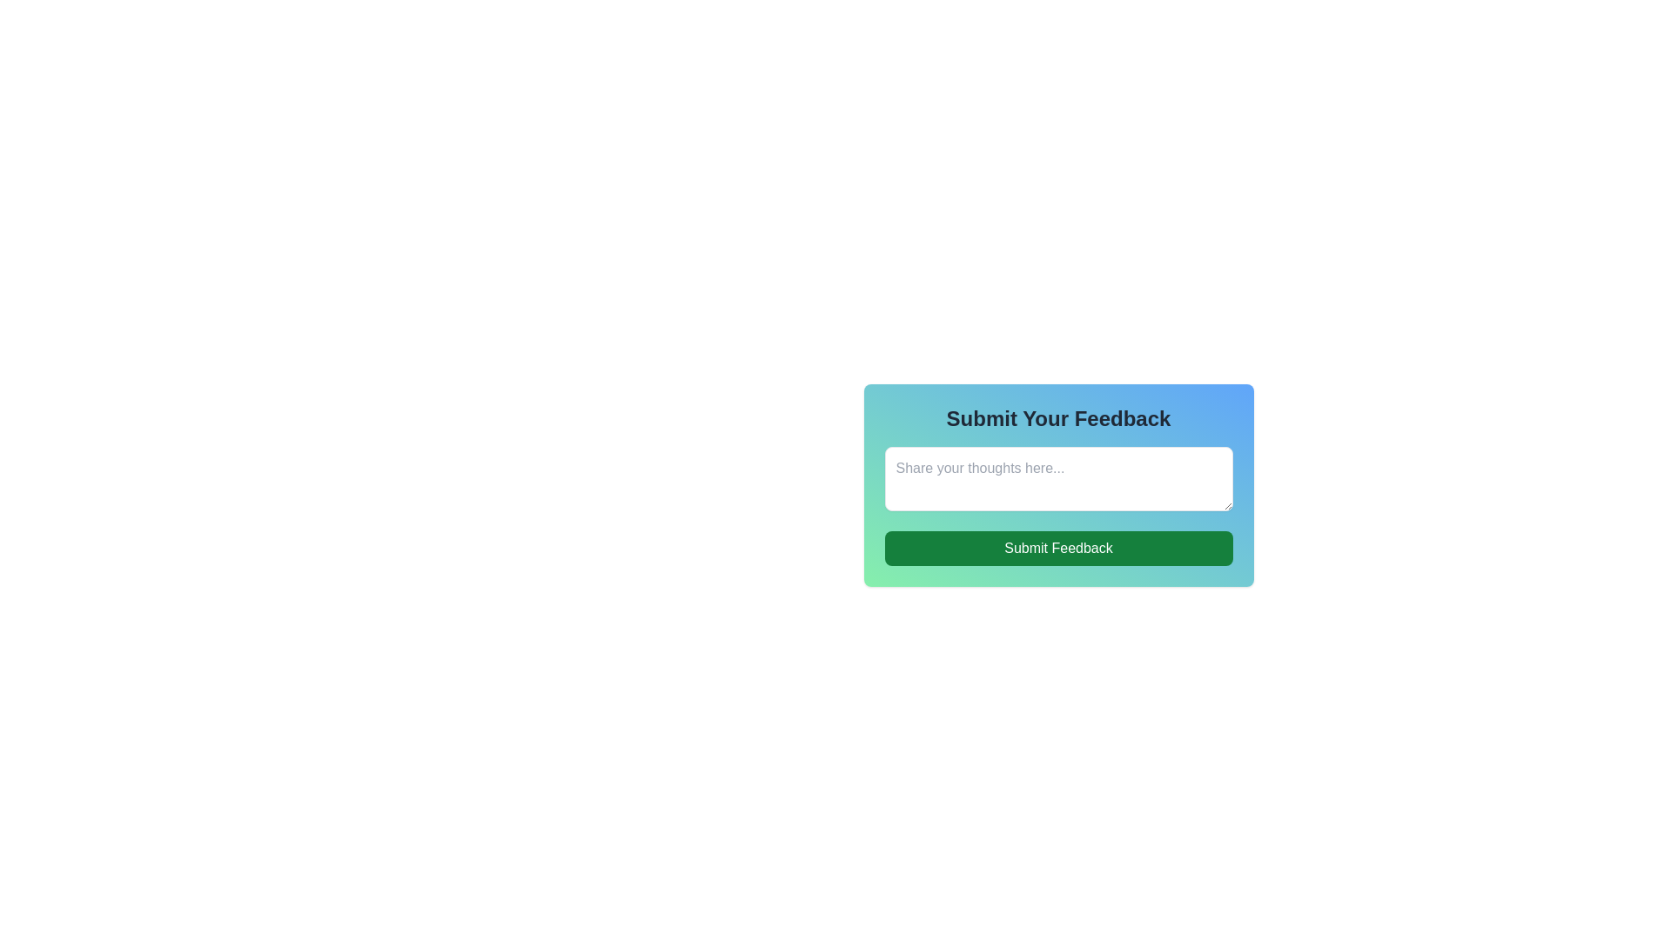 The image size is (1671, 939). Describe the element at coordinates (1057, 549) in the screenshot. I see `the 'Submit Feedback' button located at the bottom of the feedback form to observe the hover effect` at that location.